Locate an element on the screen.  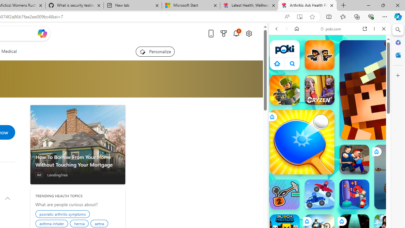
'Cryzen.io Cryzen.io' is located at coordinates (319, 90).